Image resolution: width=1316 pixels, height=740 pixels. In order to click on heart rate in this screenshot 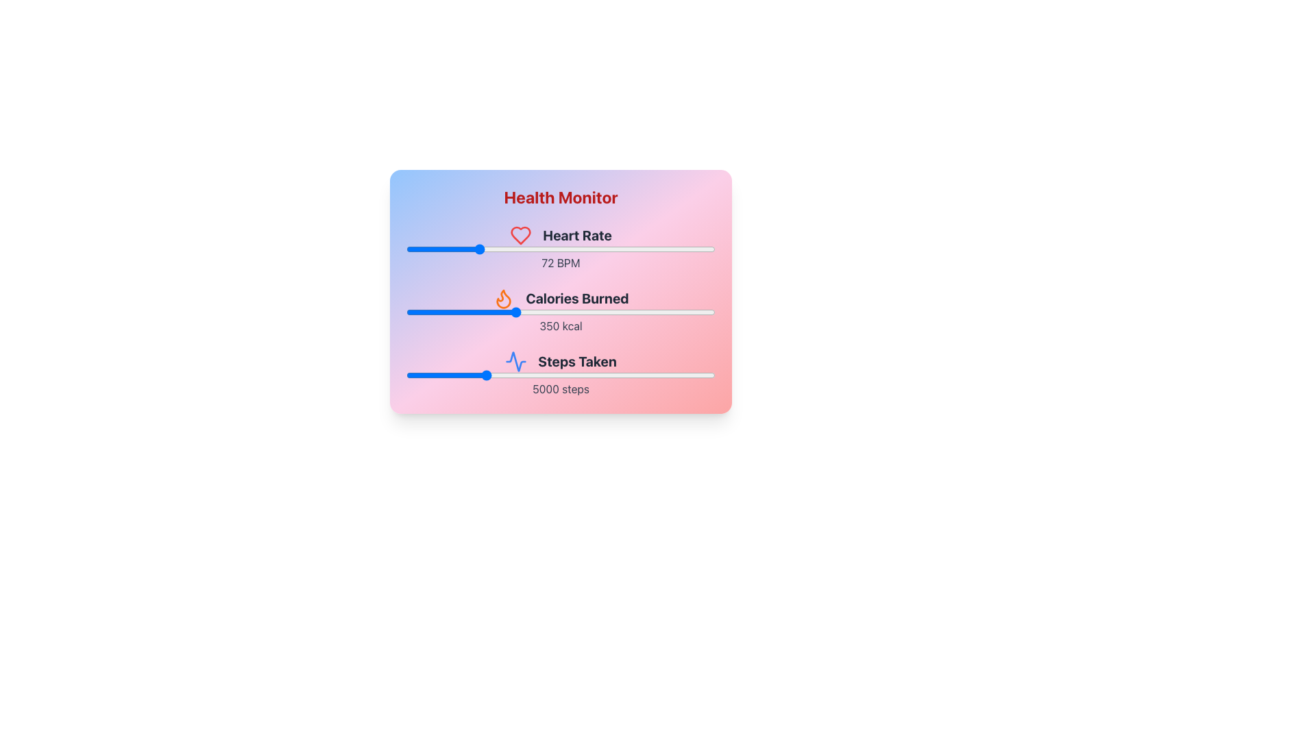, I will do `click(496, 249)`.